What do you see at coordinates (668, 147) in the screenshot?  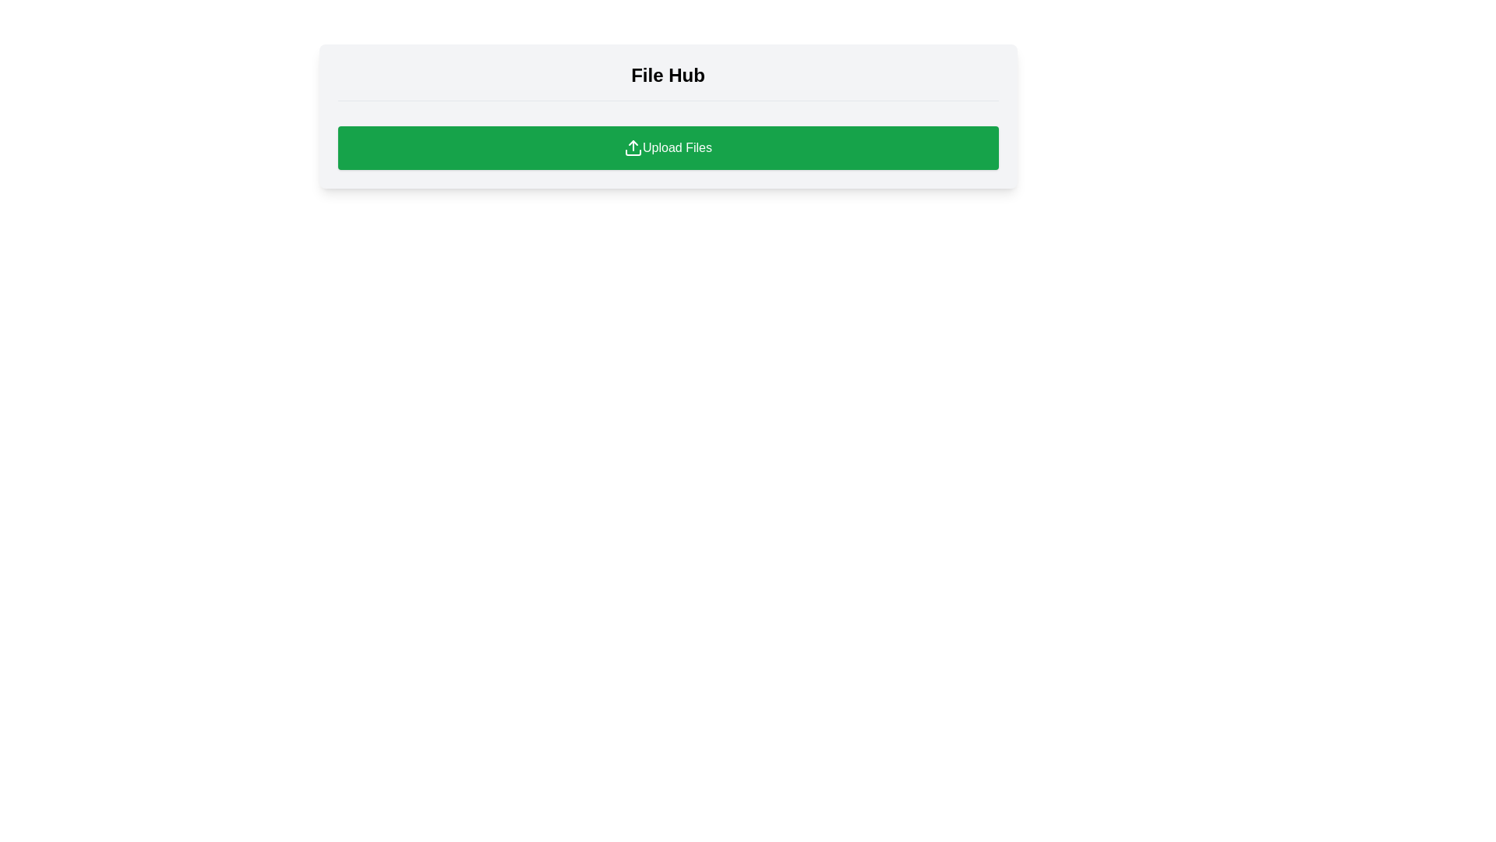 I see `the prominent call-to-action button located below the thin divider line in the 'File Hub' card` at bounding box center [668, 147].